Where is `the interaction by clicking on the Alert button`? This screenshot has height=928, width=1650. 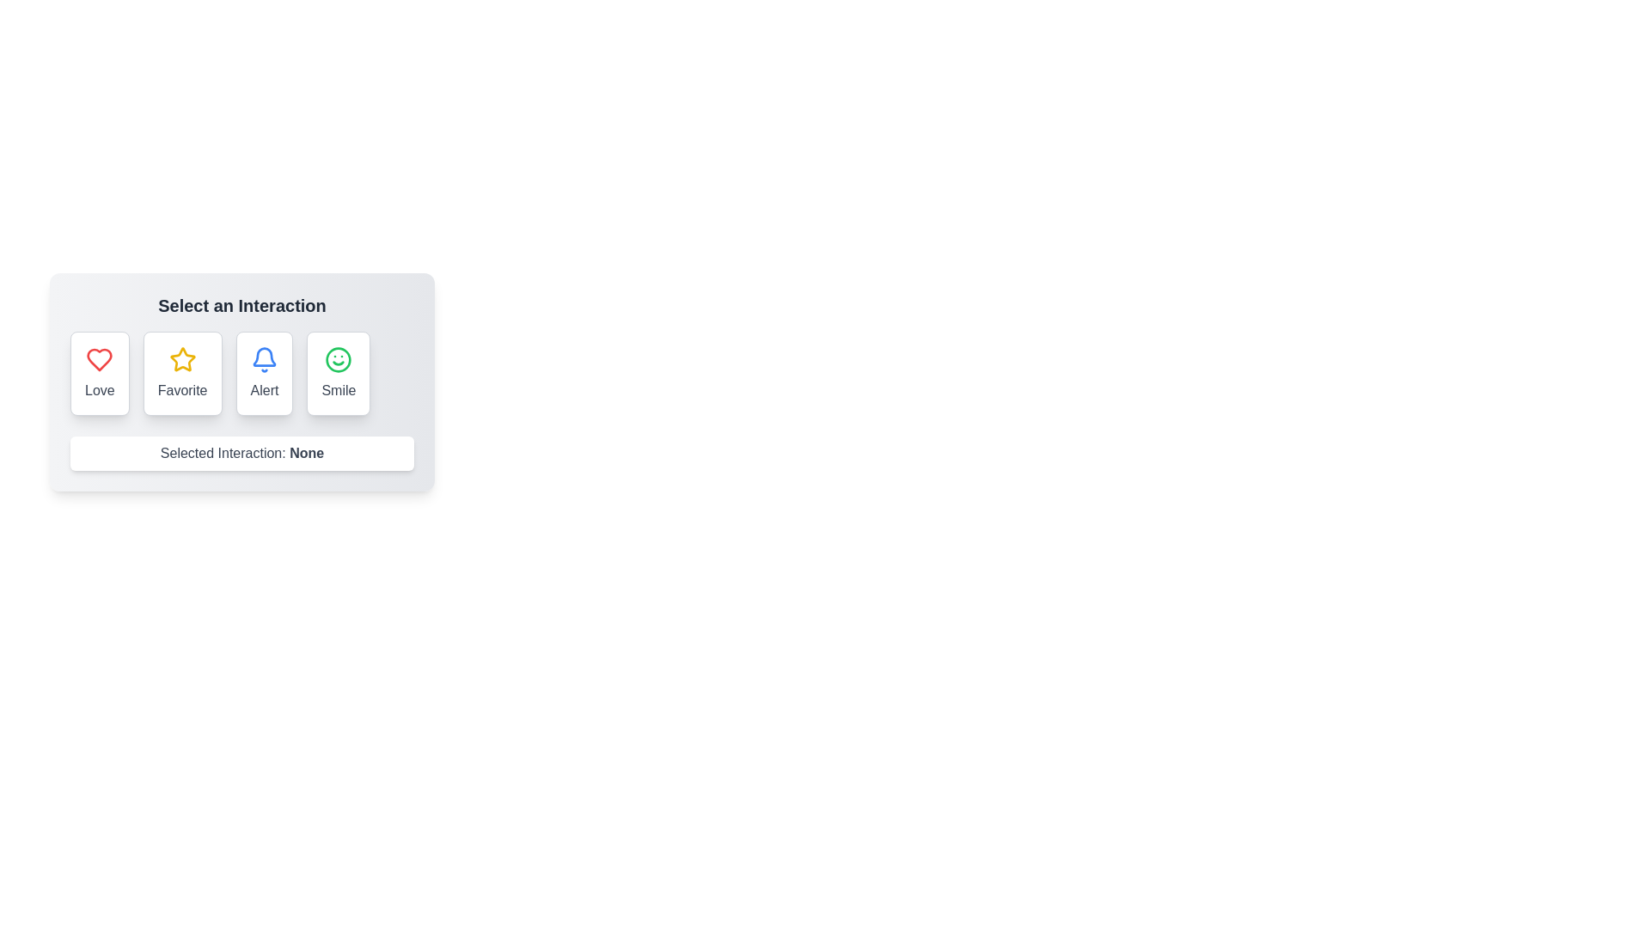
the interaction by clicking on the Alert button is located at coordinates (263, 373).